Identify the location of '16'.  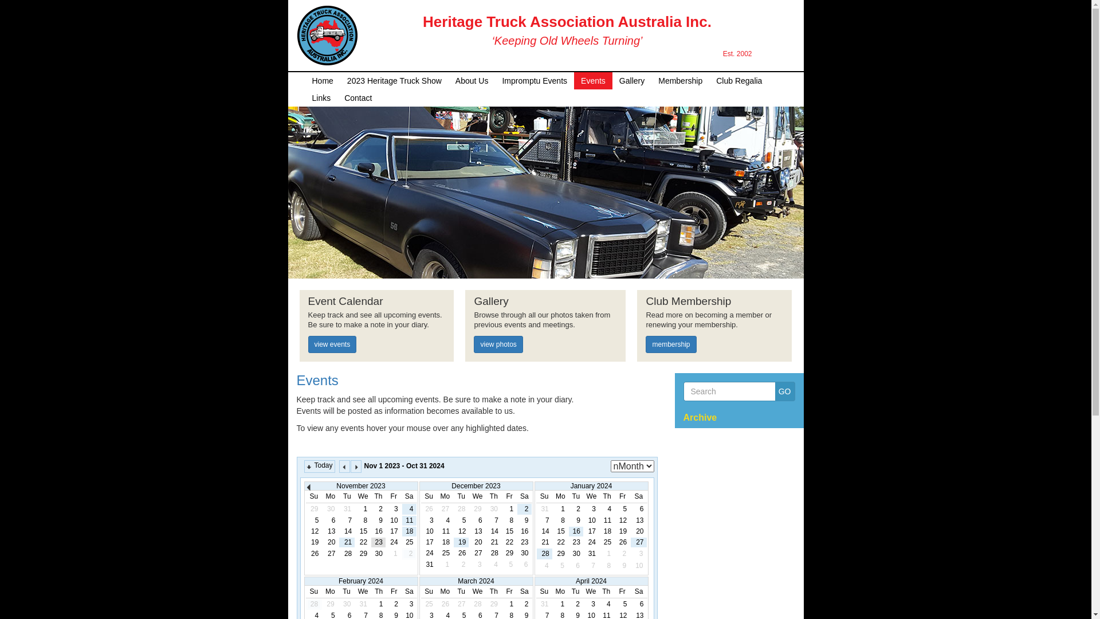
(378, 531).